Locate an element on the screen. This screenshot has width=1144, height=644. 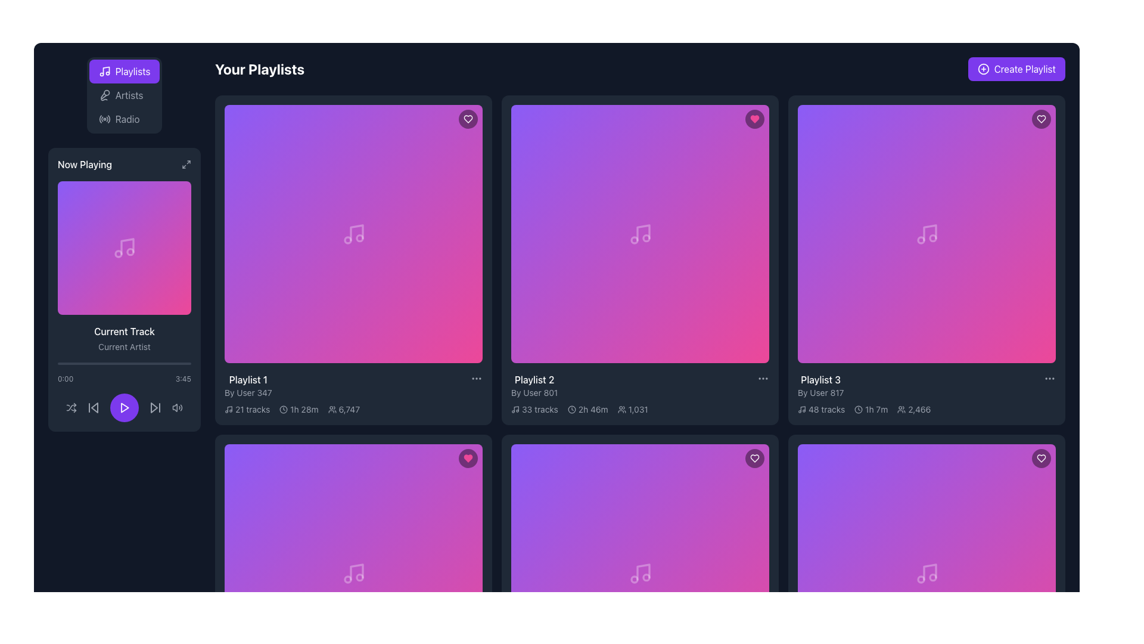
the total duration text element located below the thumbnail image of 'Playlist 1', to the right of the '21 tracks' text is located at coordinates (304, 408).